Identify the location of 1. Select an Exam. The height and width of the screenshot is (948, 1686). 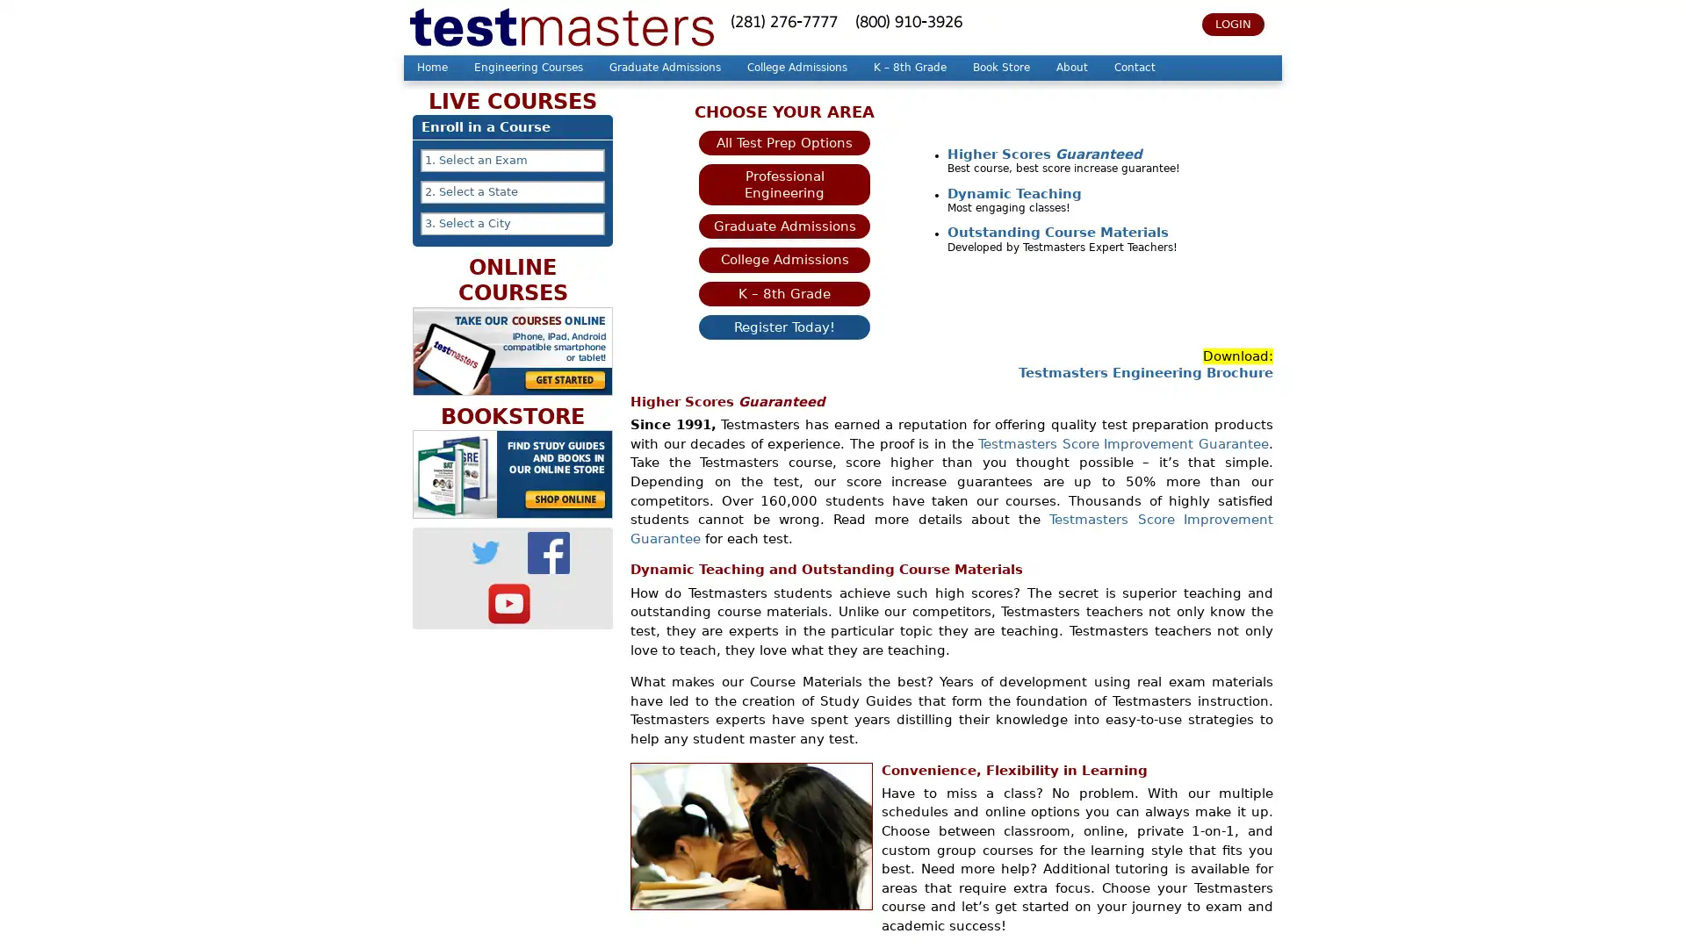
(512, 160).